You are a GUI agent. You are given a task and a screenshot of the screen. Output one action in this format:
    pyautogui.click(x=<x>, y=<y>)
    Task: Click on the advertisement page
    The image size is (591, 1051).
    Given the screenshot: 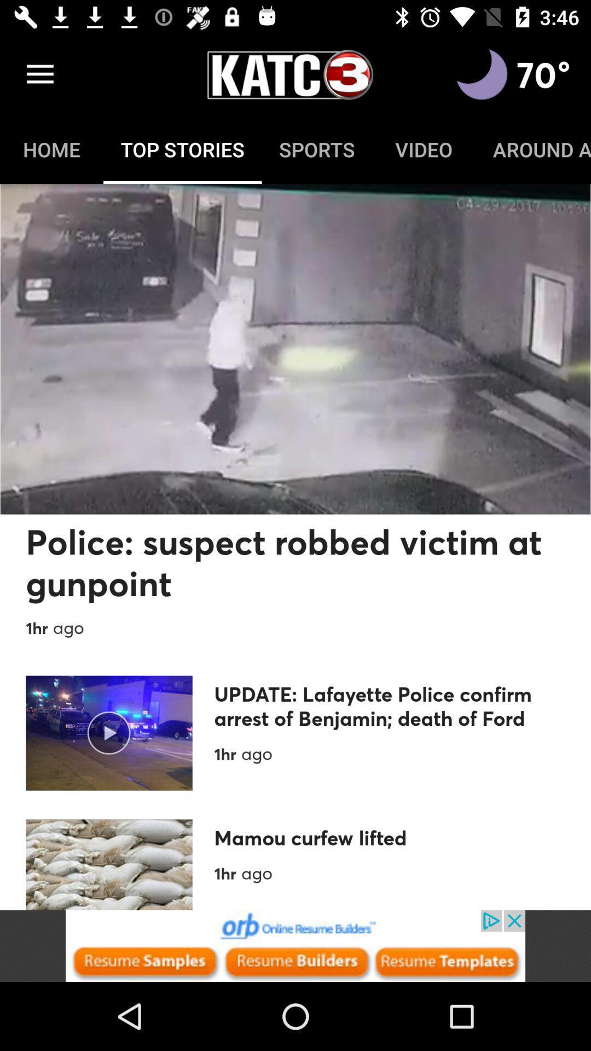 What is the action you would take?
    pyautogui.click(x=296, y=945)
    